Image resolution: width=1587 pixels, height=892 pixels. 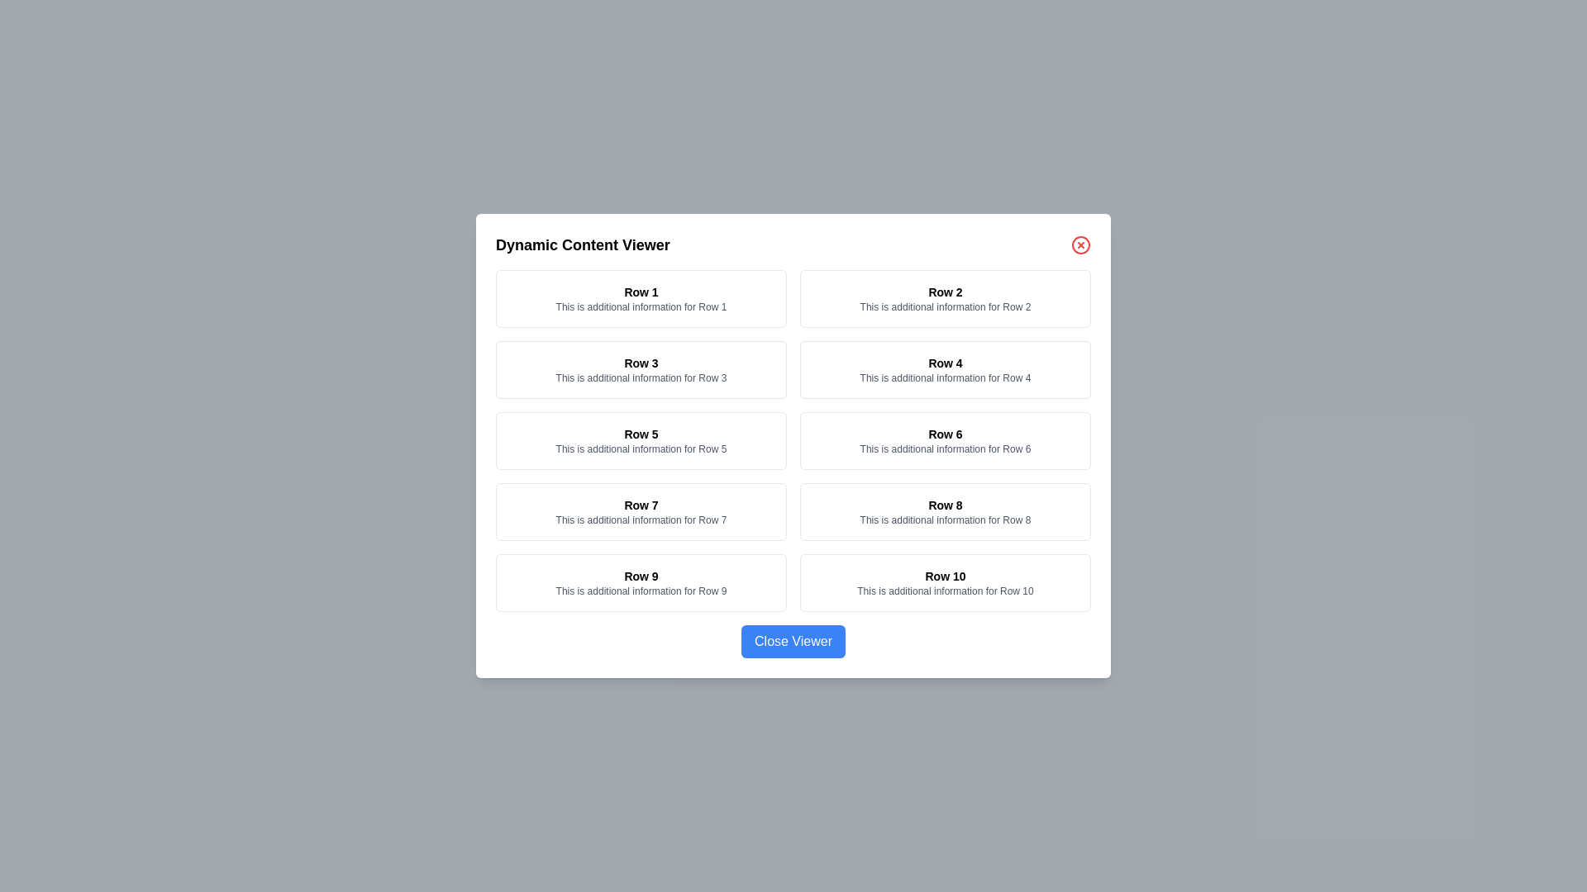 What do you see at coordinates (793, 640) in the screenshot?
I see `the 'Close Viewer' button to close the dialog` at bounding box center [793, 640].